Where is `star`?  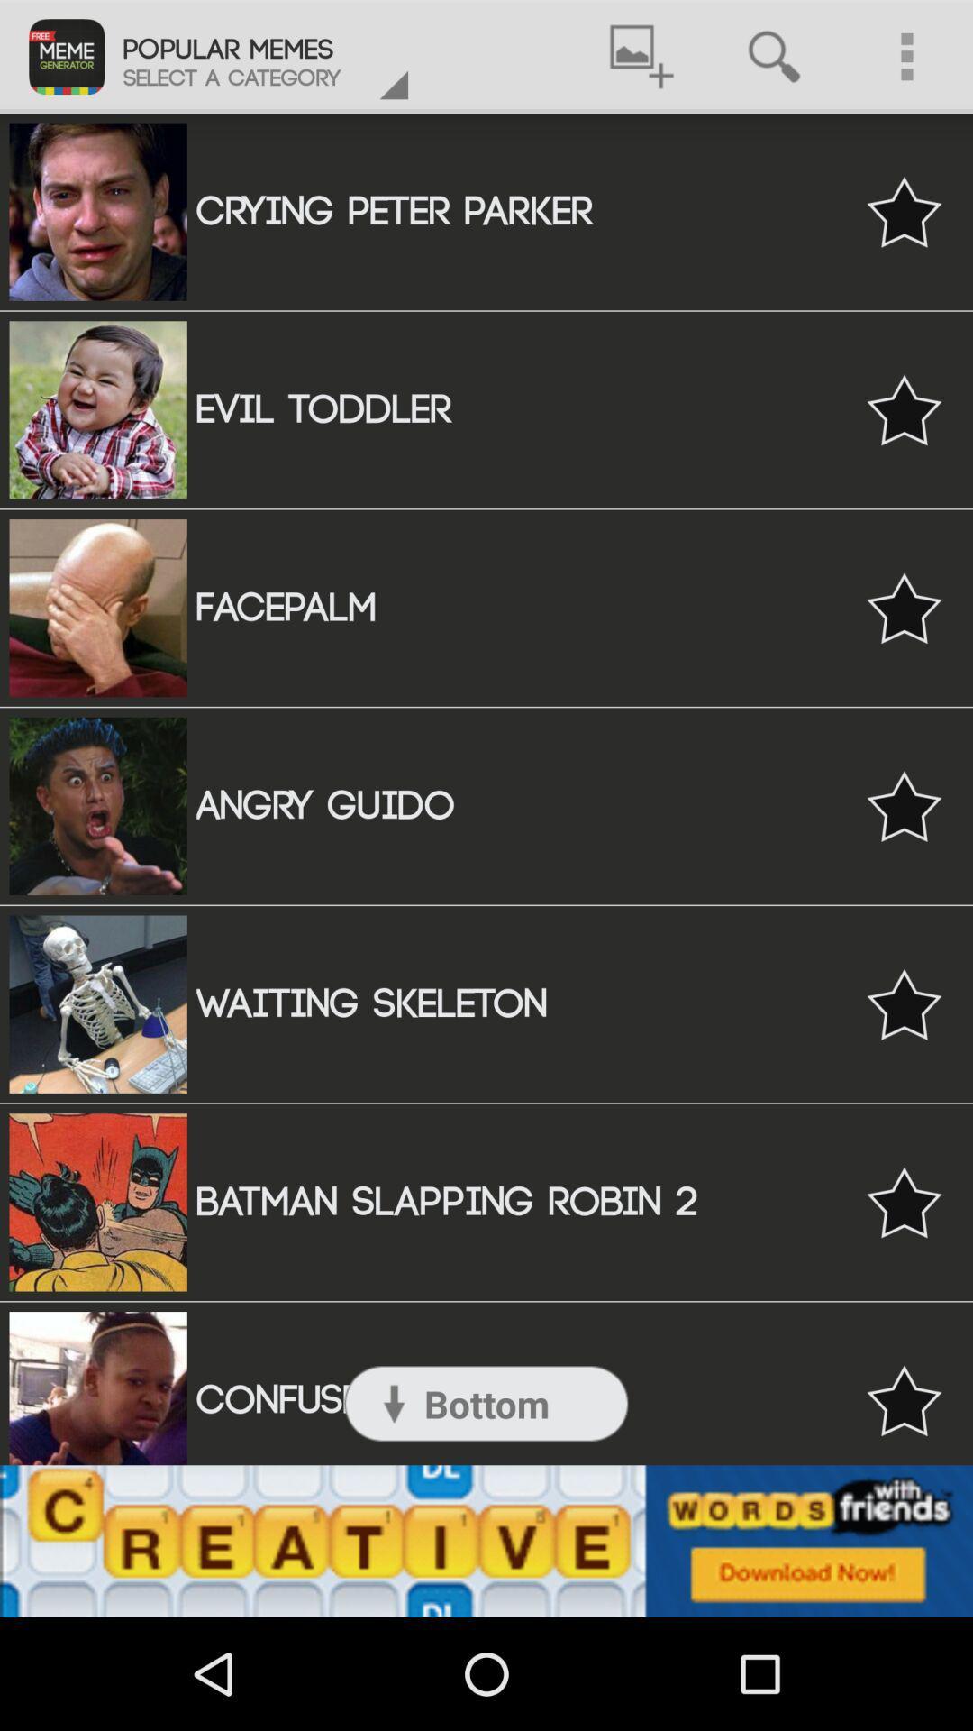
star is located at coordinates (904, 212).